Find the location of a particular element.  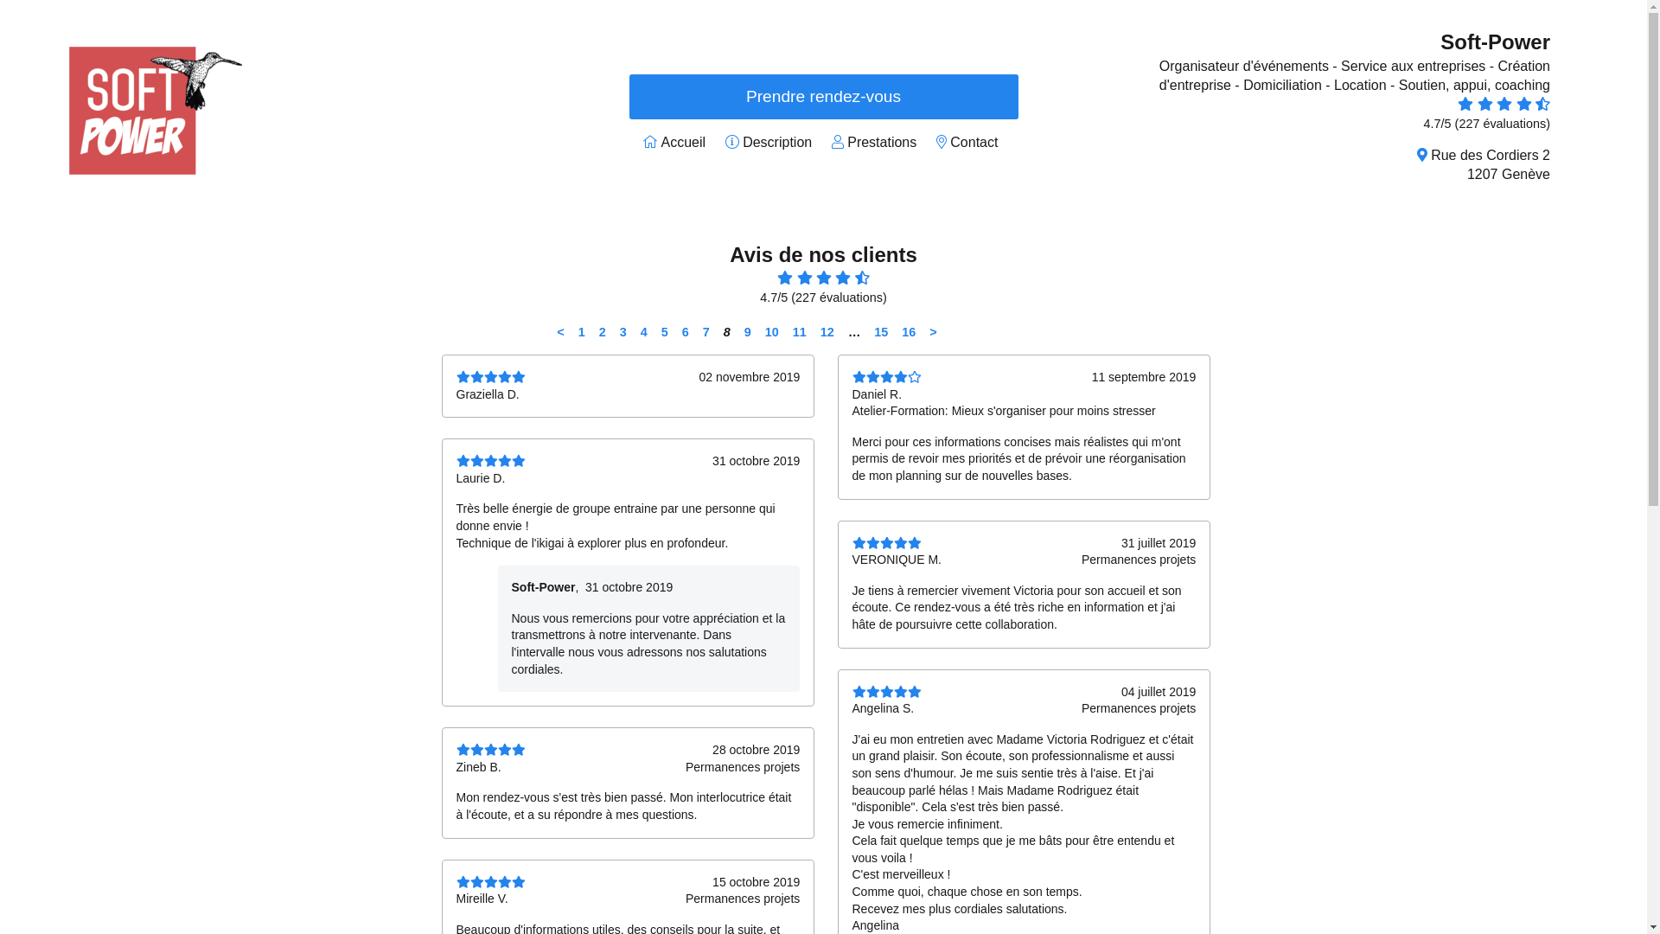

'5' is located at coordinates (663, 332).